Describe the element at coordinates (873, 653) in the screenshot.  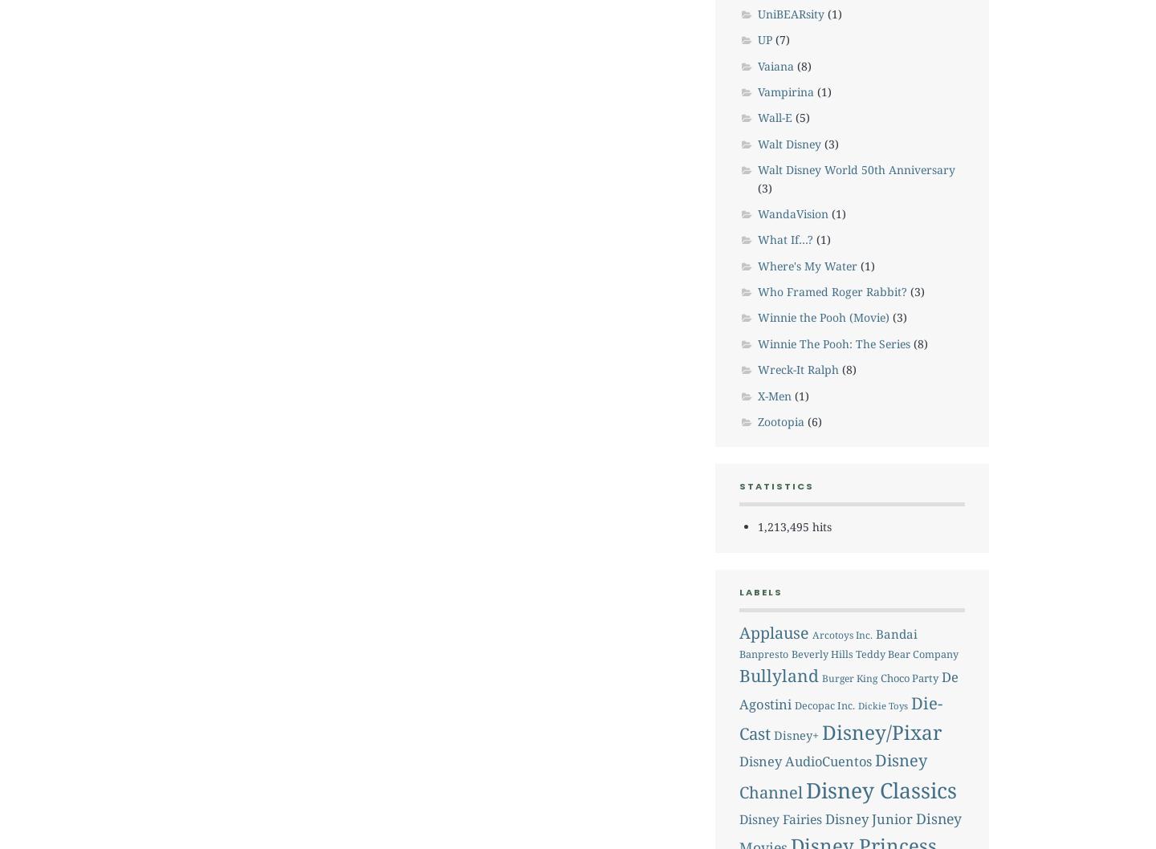
I see `'Beverly Hills Teddy Bear Company'` at that location.